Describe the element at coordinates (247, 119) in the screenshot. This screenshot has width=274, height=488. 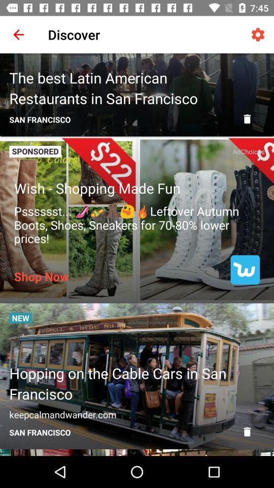
I see `delete` at that location.